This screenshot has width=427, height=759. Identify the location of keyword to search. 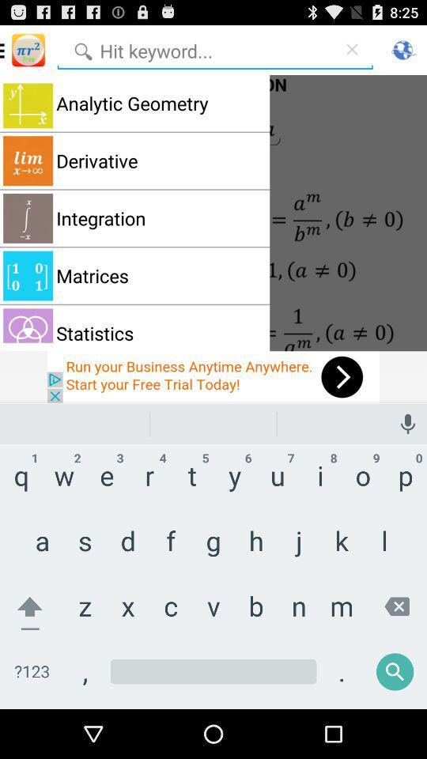
(195, 48).